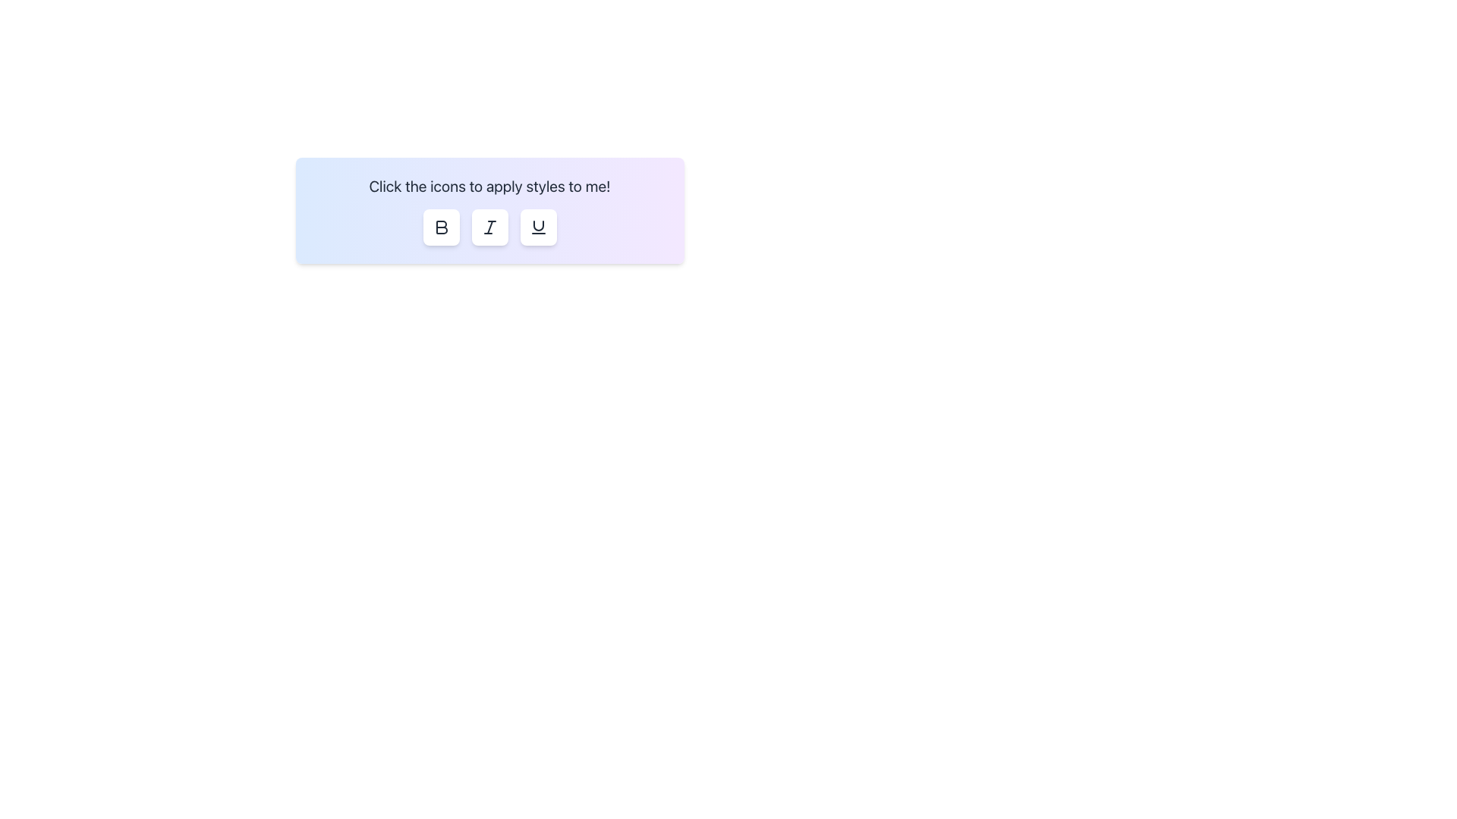 This screenshot has width=1457, height=819. I want to click on the bold formatting button, which is the first icon in a row of three, so click(440, 227).